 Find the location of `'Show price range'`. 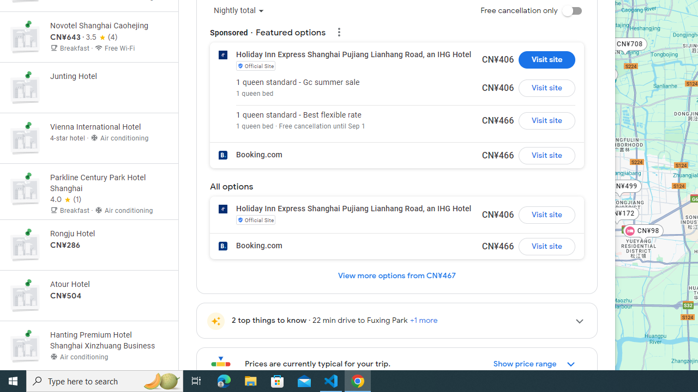

'Show price range' is located at coordinates (534, 364).